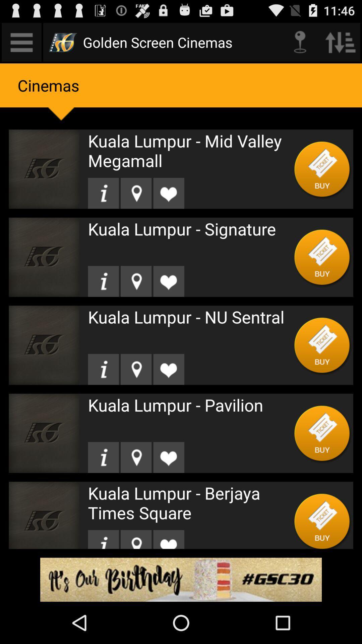 This screenshot has height=644, width=362. What do you see at coordinates (103, 281) in the screenshot?
I see `location` at bounding box center [103, 281].